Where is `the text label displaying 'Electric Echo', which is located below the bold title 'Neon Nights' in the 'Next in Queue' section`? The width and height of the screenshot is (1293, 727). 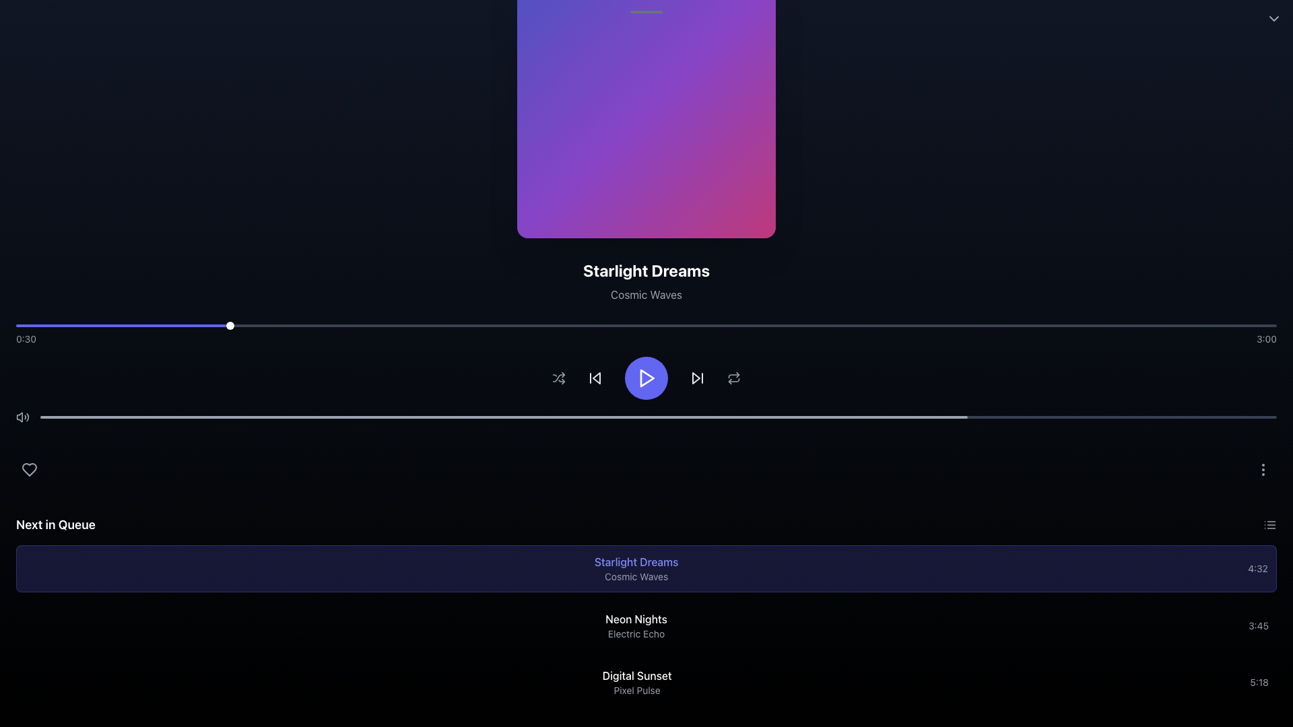
the text label displaying 'Electric Echo', which is located below the bold title 'Neon Nights' in the 'Next in Queue' section is located at coordinates (636, 633).